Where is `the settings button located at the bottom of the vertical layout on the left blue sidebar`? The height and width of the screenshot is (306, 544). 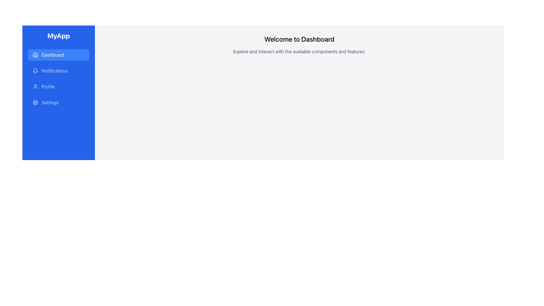
the settings button located at the bottom of the vertical layout on the left blue sidebar is located at coordinates (58, 103).